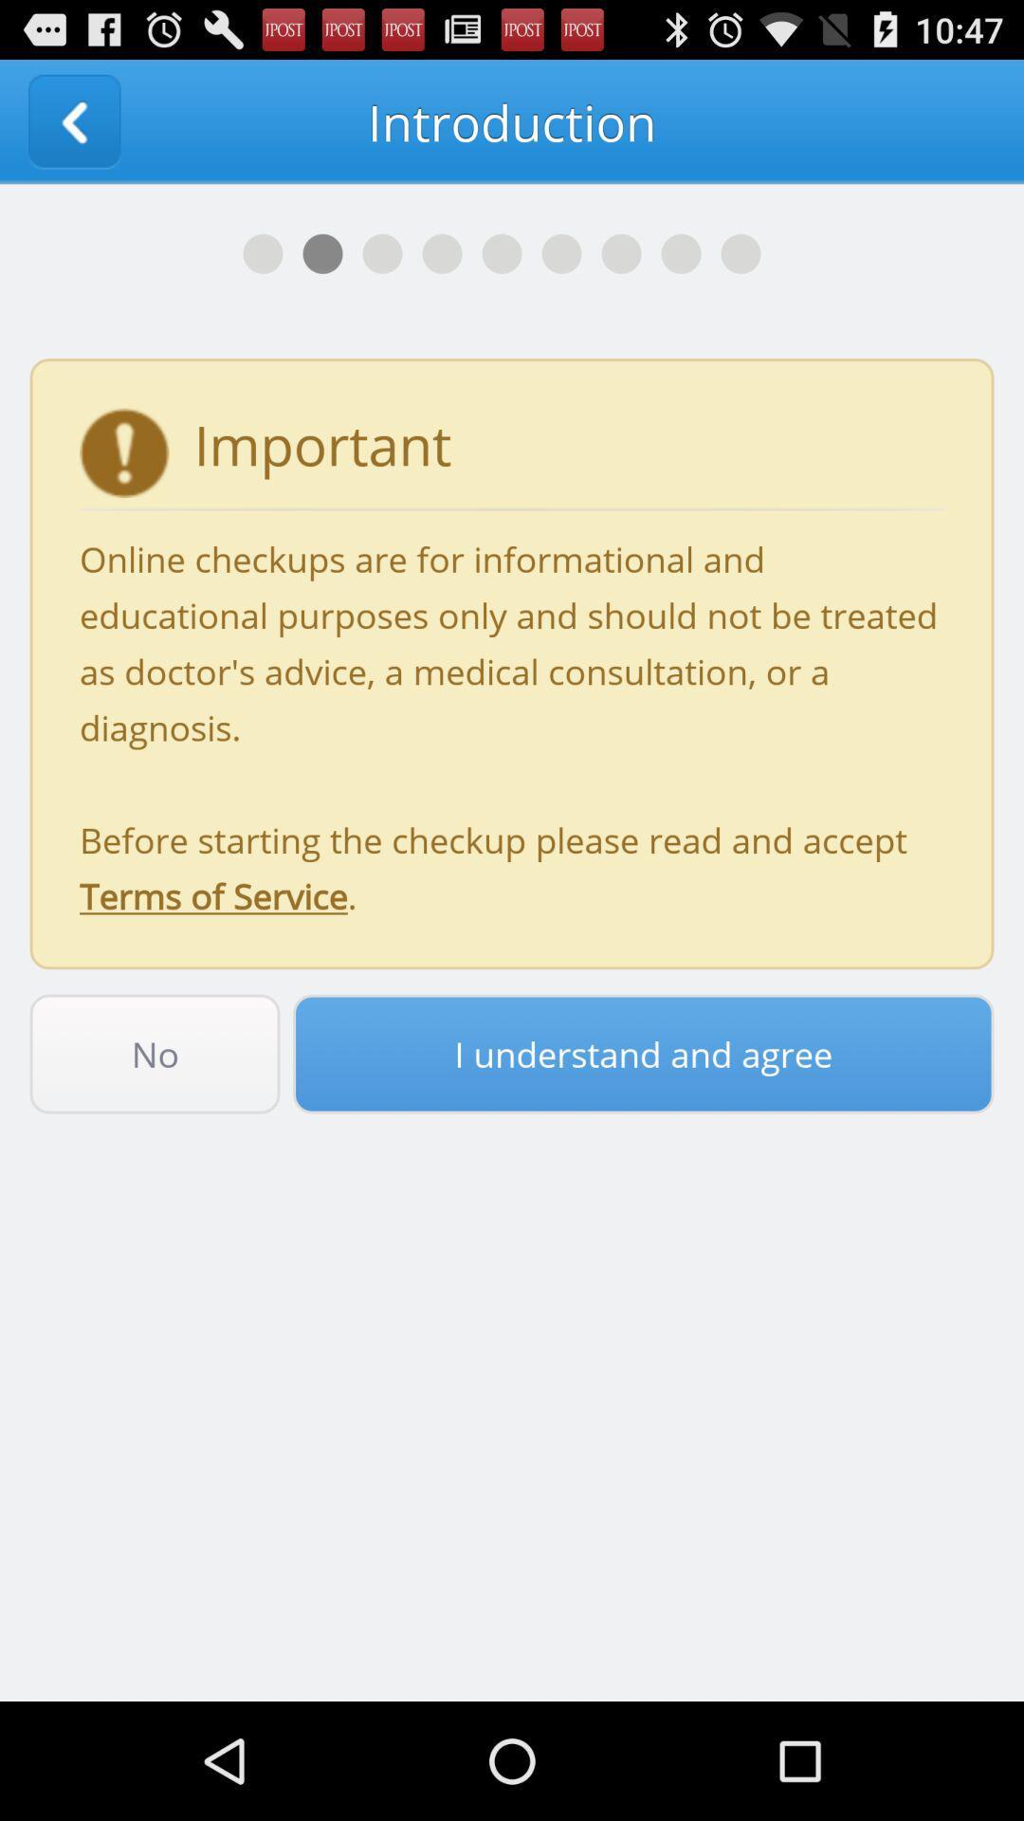  I want to click on the item to the right of the no icon, so click(642, 1053).